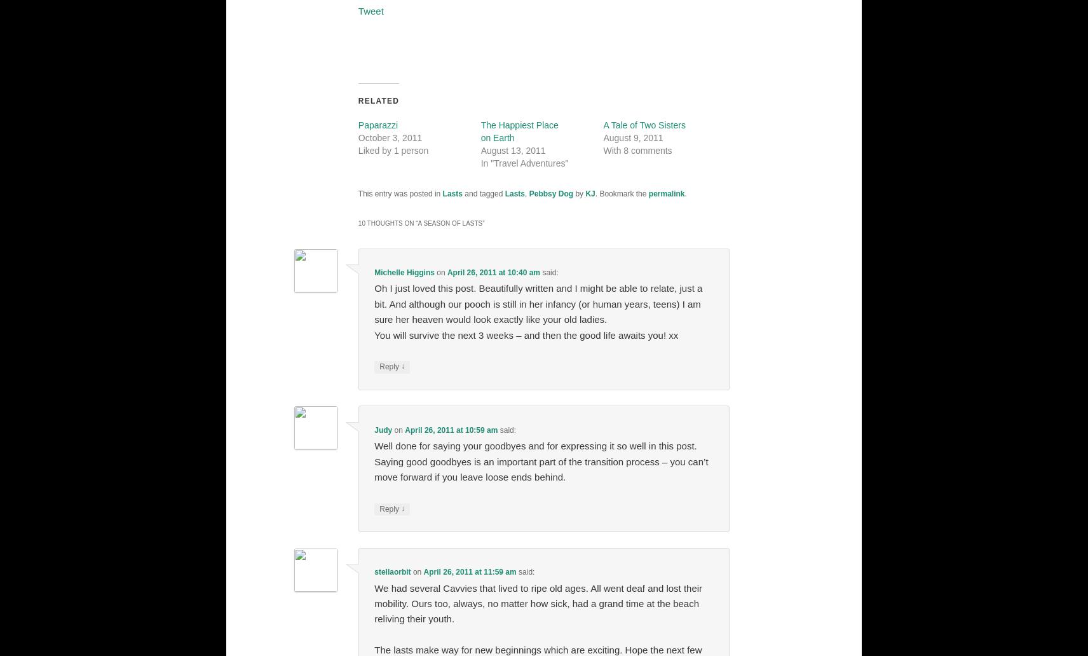 Image resolution: width=1088 pixels, height=656 pixels. What do you see at coordinates (493, 272) in the screenshot?
I see `'April 26, 2011 at 10:40 am'` at bounding box center [493, 272].